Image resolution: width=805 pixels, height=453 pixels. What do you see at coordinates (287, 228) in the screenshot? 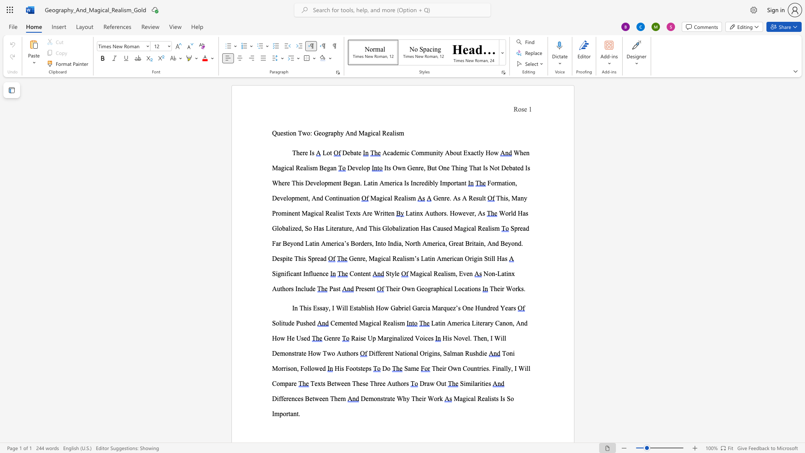
I see `the 2th character "a" in the text` at bounding box center [287, 228].